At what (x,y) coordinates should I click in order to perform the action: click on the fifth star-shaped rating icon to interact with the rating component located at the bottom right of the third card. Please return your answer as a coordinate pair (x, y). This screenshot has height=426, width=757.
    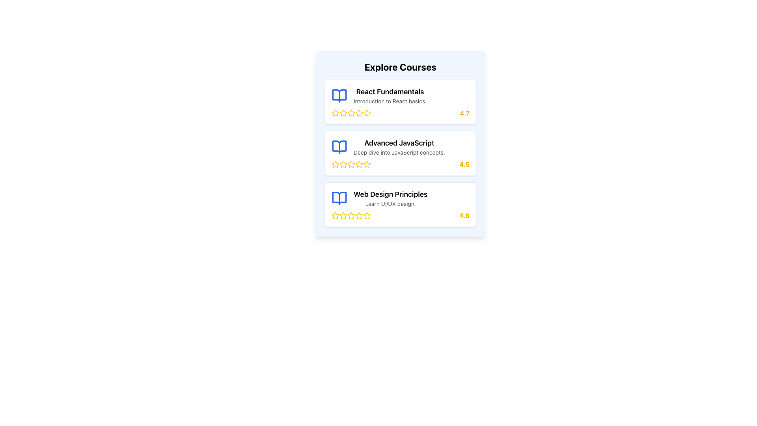
    Looking at the image, I should click on (335, 215).